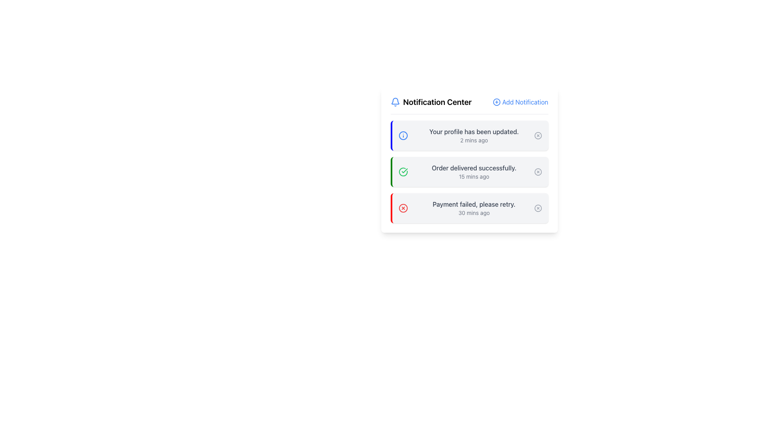 The height and width of the screenshot is (426, 757). What do you see at coordinates (474, 171) in the screenshot?
I see `text content of the notification panel's middle item that informs the user about the successful delivery of an order` at bounding box center [474, 171].